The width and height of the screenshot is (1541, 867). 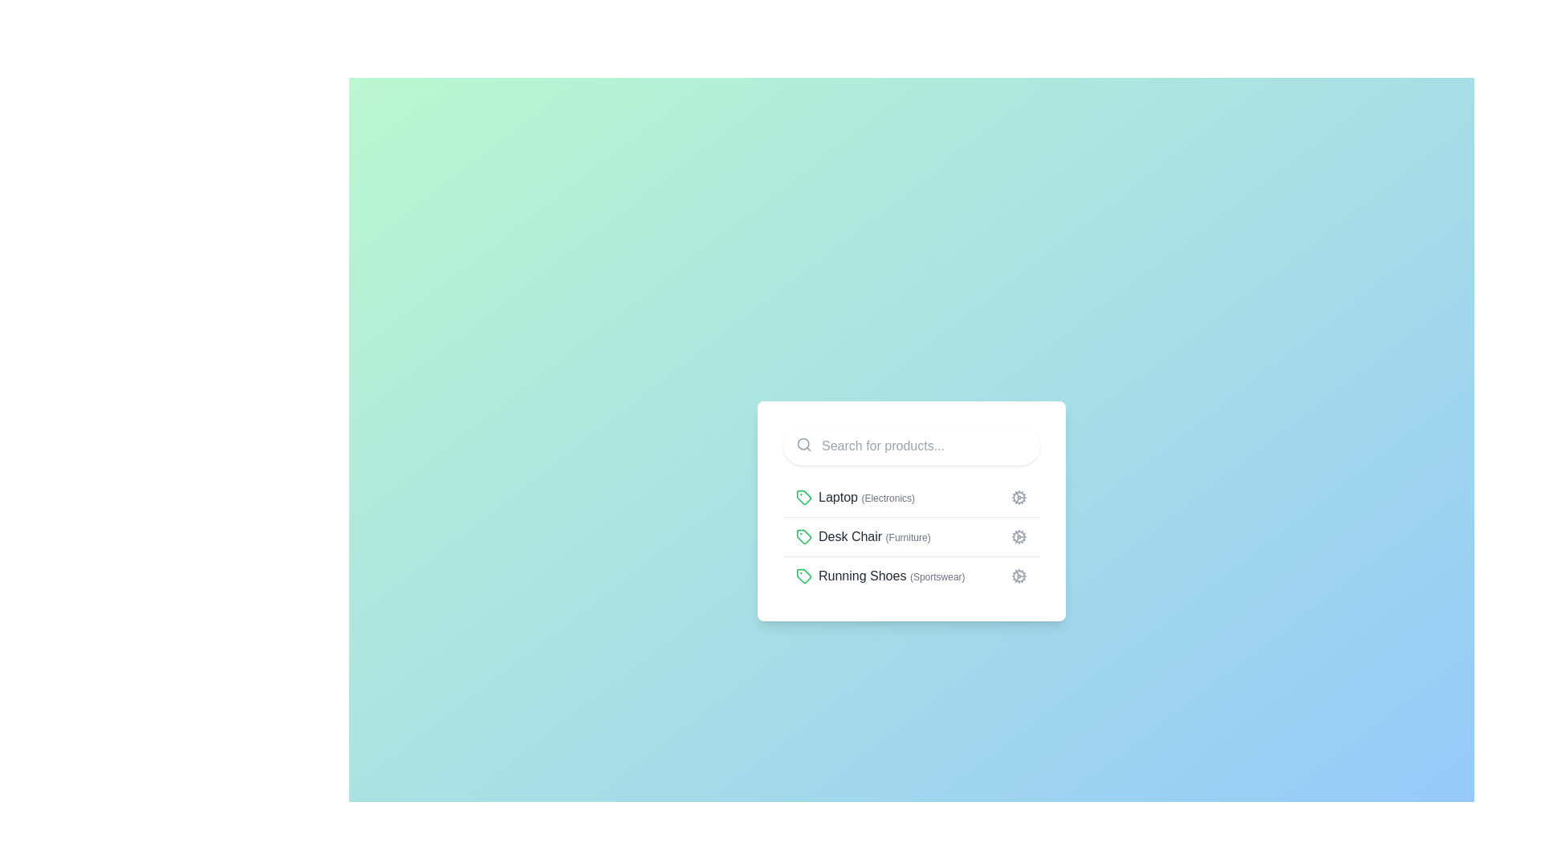 I want to click on the third list item labeled 'Running Shoes (Sportswear)' which features a green tag icon and a settings gear icon on the right for additional options, so click(x=912, y=575).